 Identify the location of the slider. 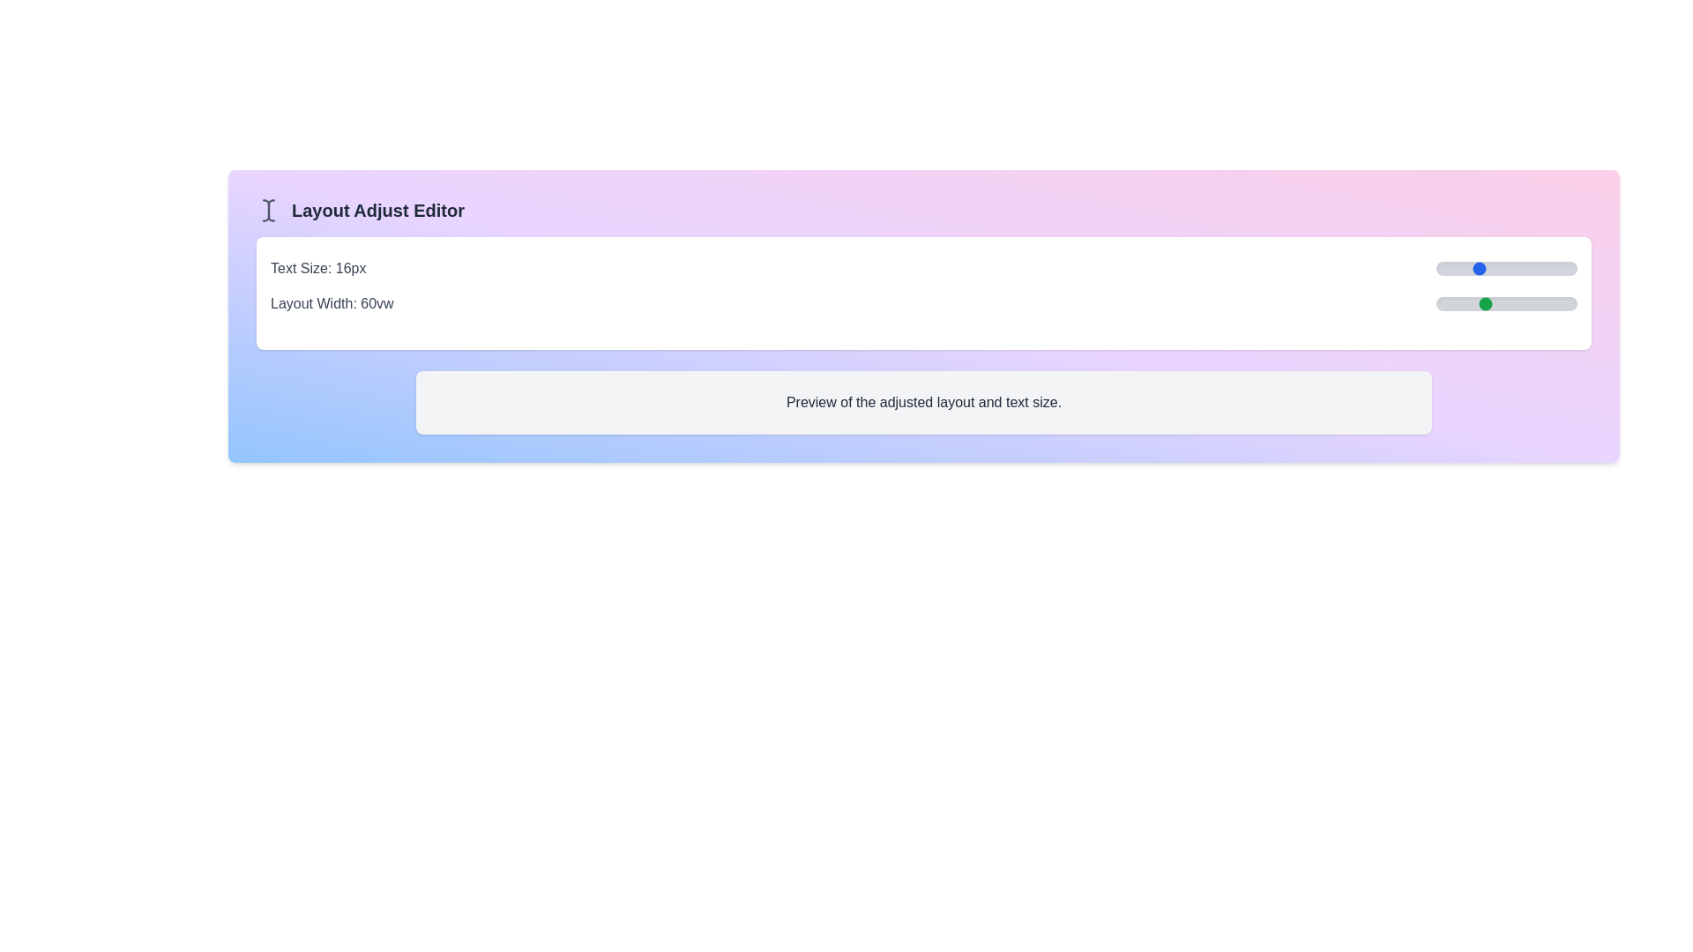
(1492, 302).